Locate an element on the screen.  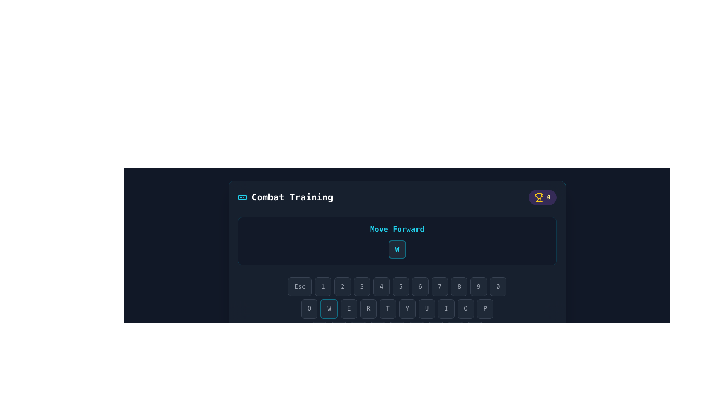
number '0' displayed in the decorative section featuring a yellow trophy icon and rounded rectangle with a purple background, located in the top-right corner of the application window is located at coordinates (543, 197).